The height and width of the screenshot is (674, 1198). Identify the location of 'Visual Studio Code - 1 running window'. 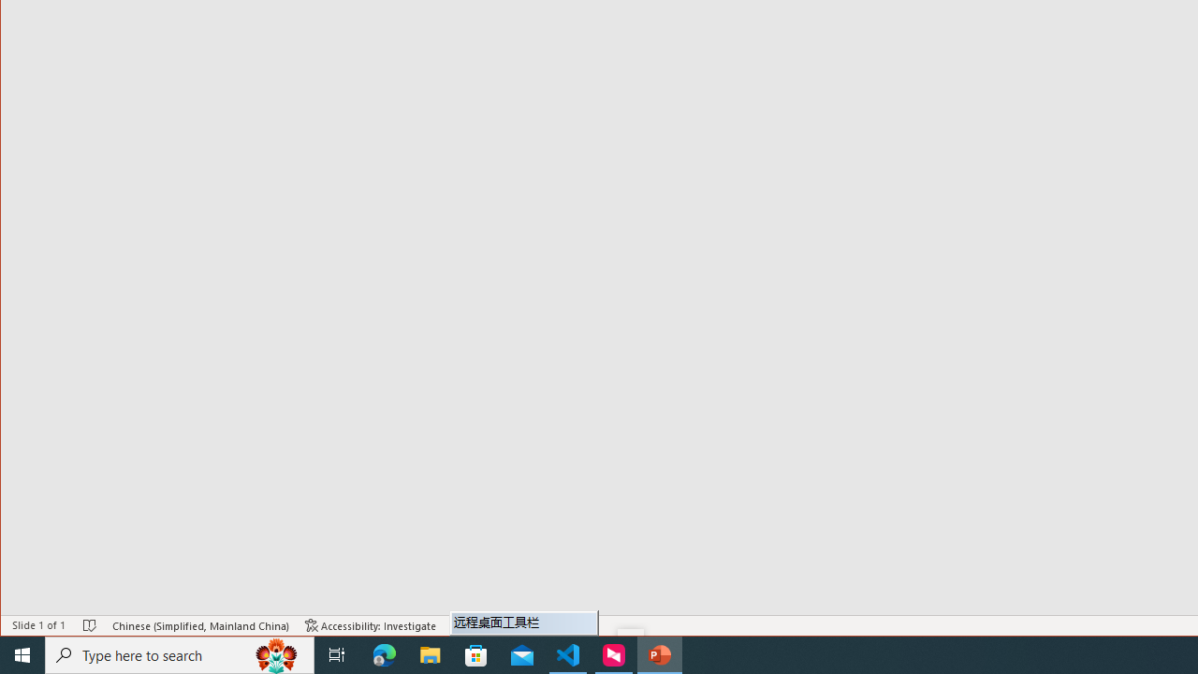
(567, 653).